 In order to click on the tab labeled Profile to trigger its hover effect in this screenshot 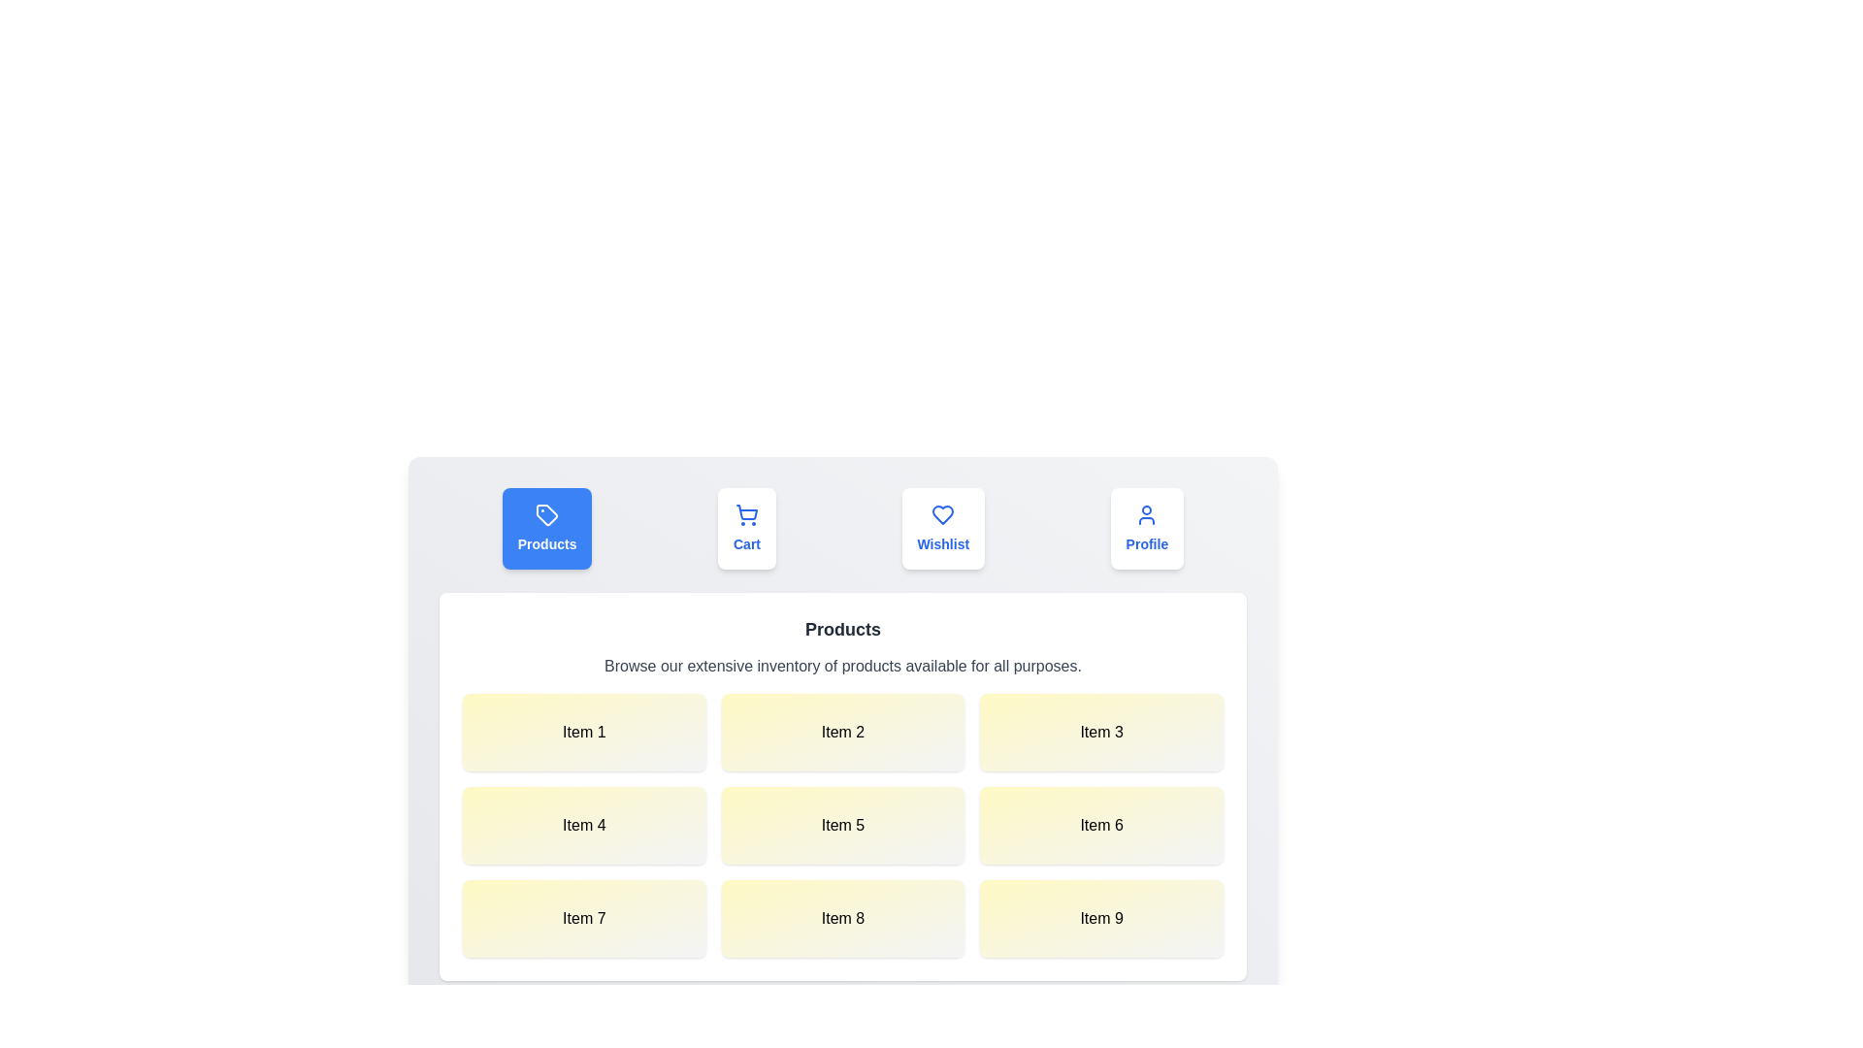, I will do `click(1147, 528)`.